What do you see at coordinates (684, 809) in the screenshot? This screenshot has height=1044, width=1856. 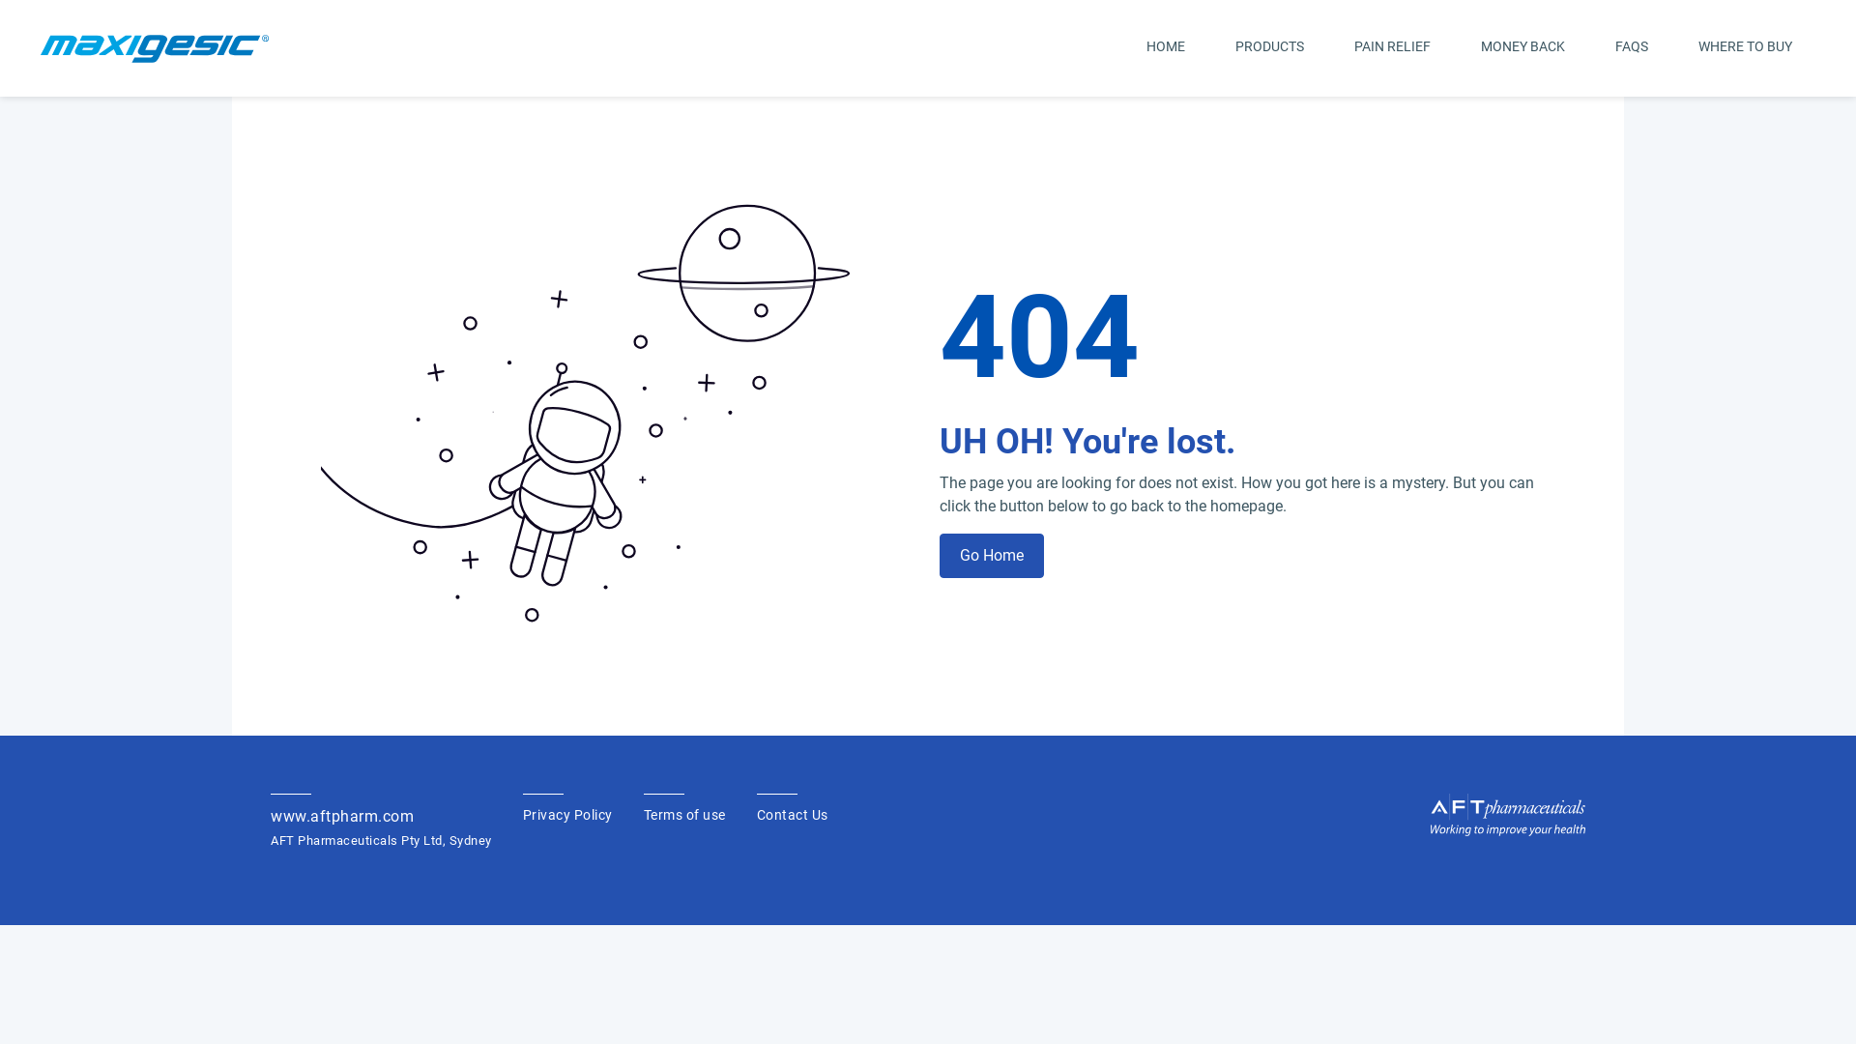 I see `'Terms of use'` at bounding box center [684, 809].